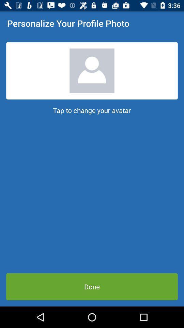  What do you see at coordinates (92, 71) in the screenshot?
I see `the app below personalize your profile icon` at bounding box center [92, 71].